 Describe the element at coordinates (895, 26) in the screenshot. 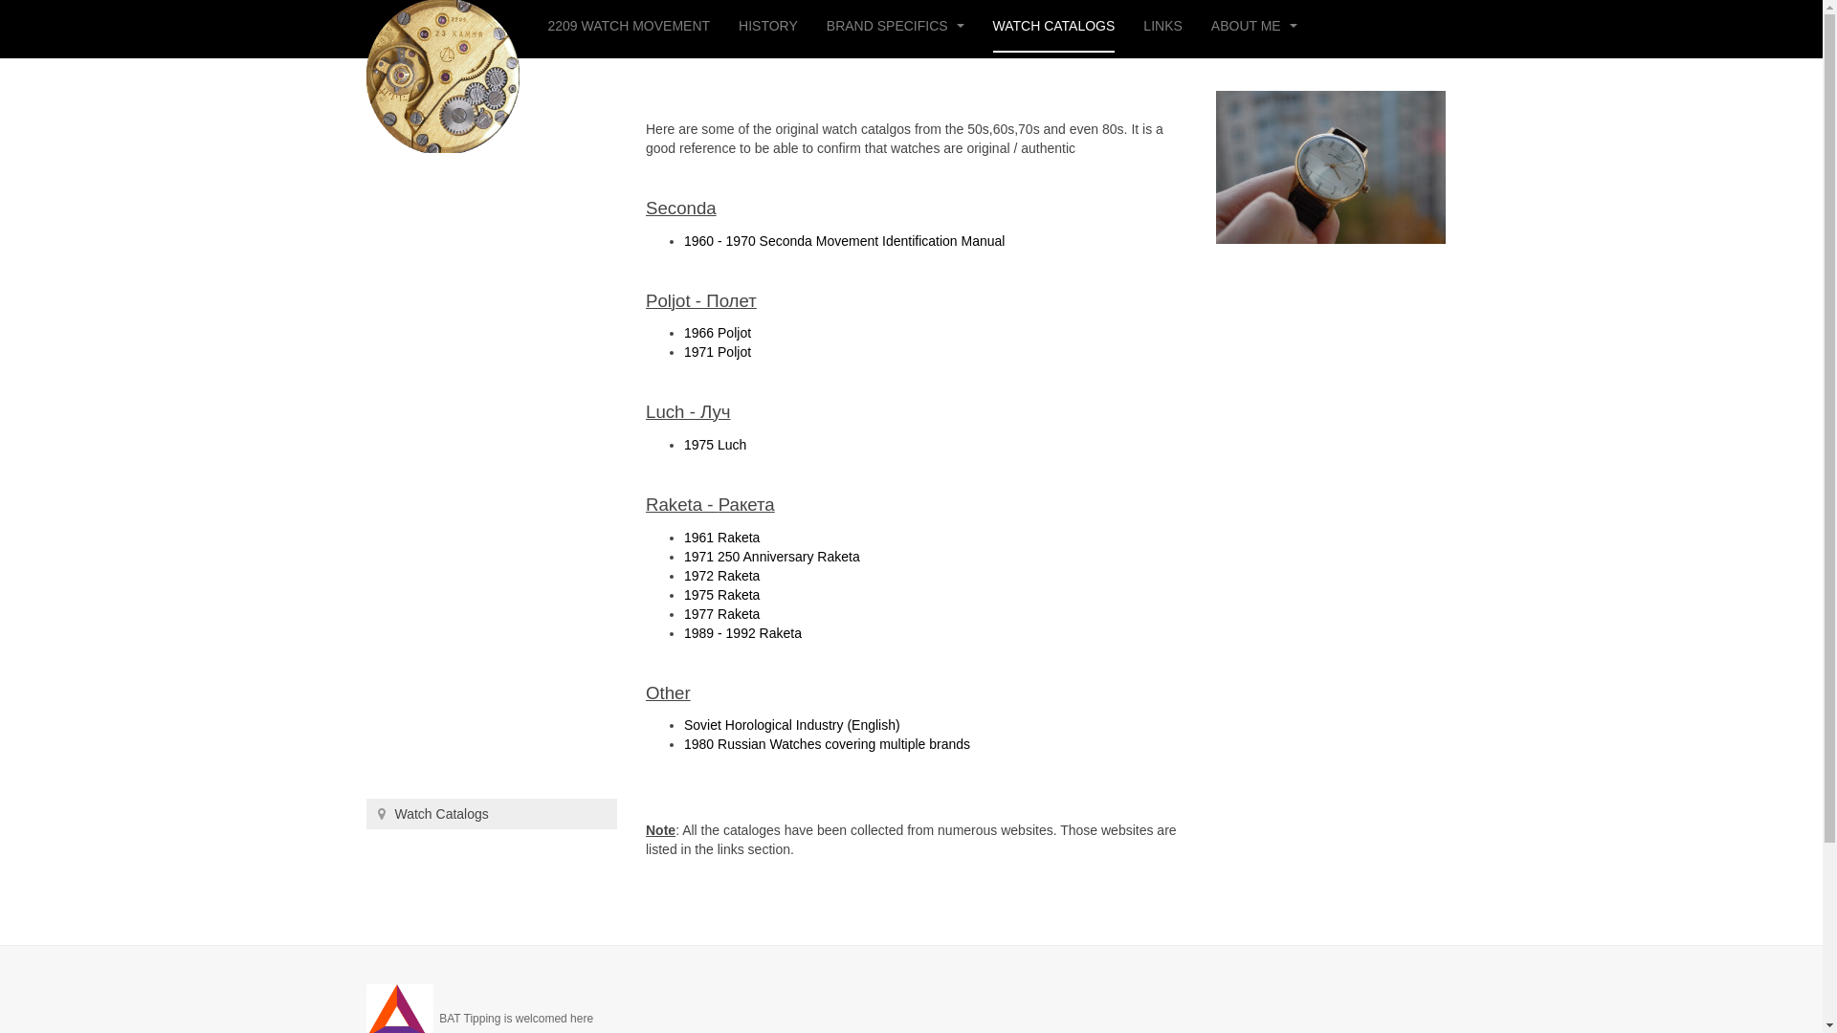

I see `'BRAND SPECIFICS'` at that location.